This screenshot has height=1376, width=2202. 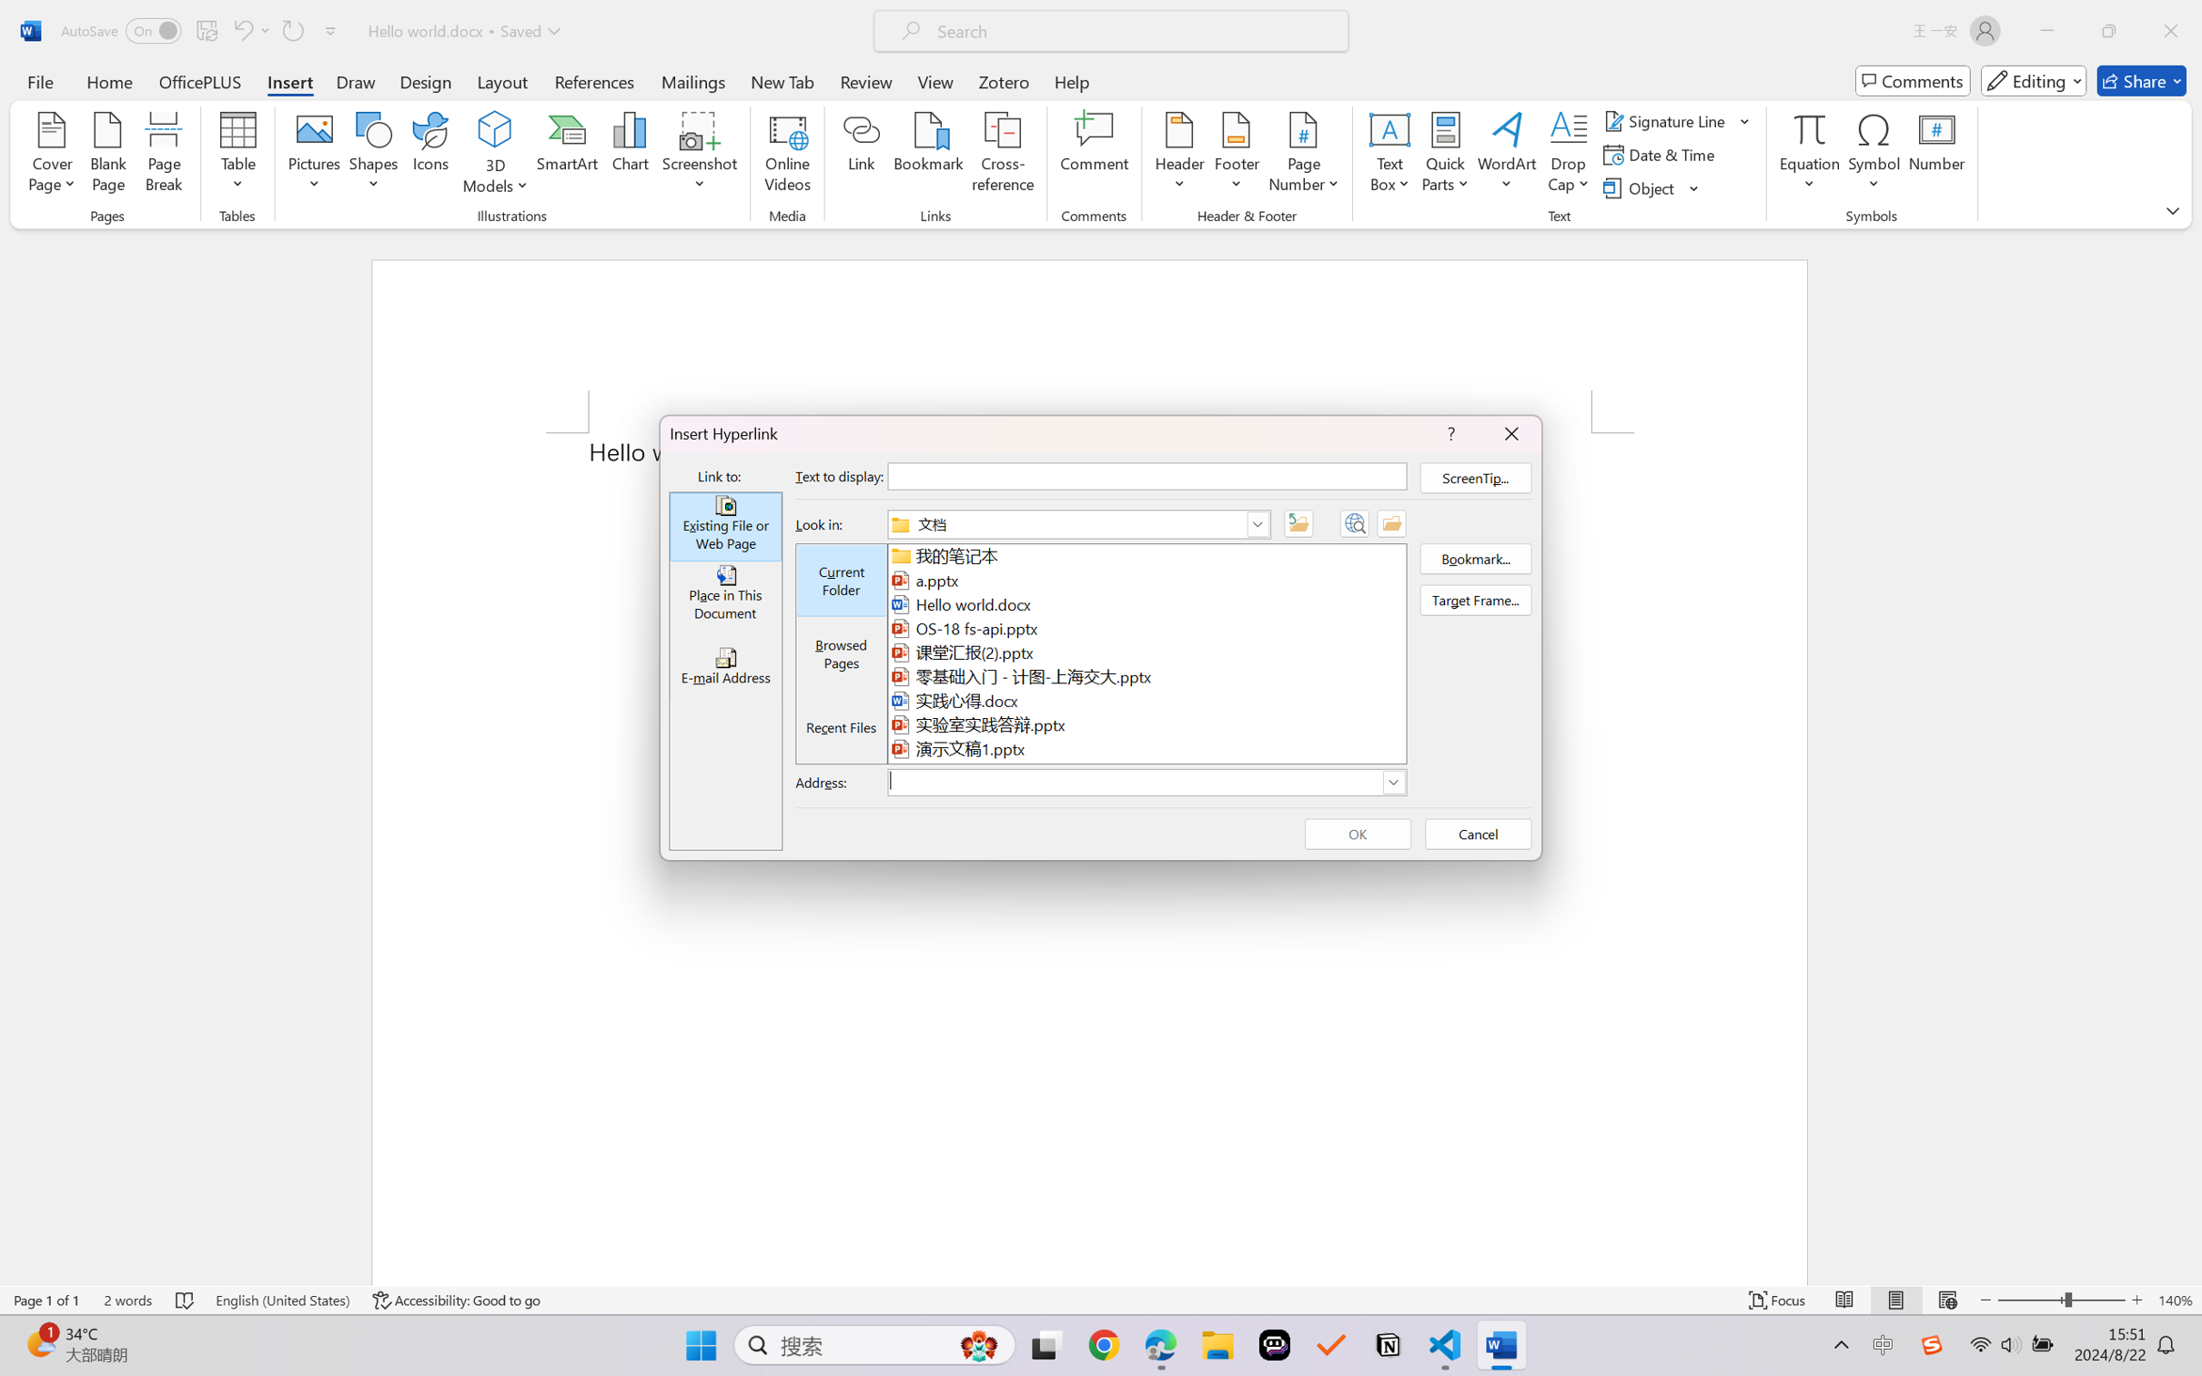 What do you see at coordinates (568, 155) in the screenshot?
I see `'SmartArt...'` at bounding box center [568, 155].